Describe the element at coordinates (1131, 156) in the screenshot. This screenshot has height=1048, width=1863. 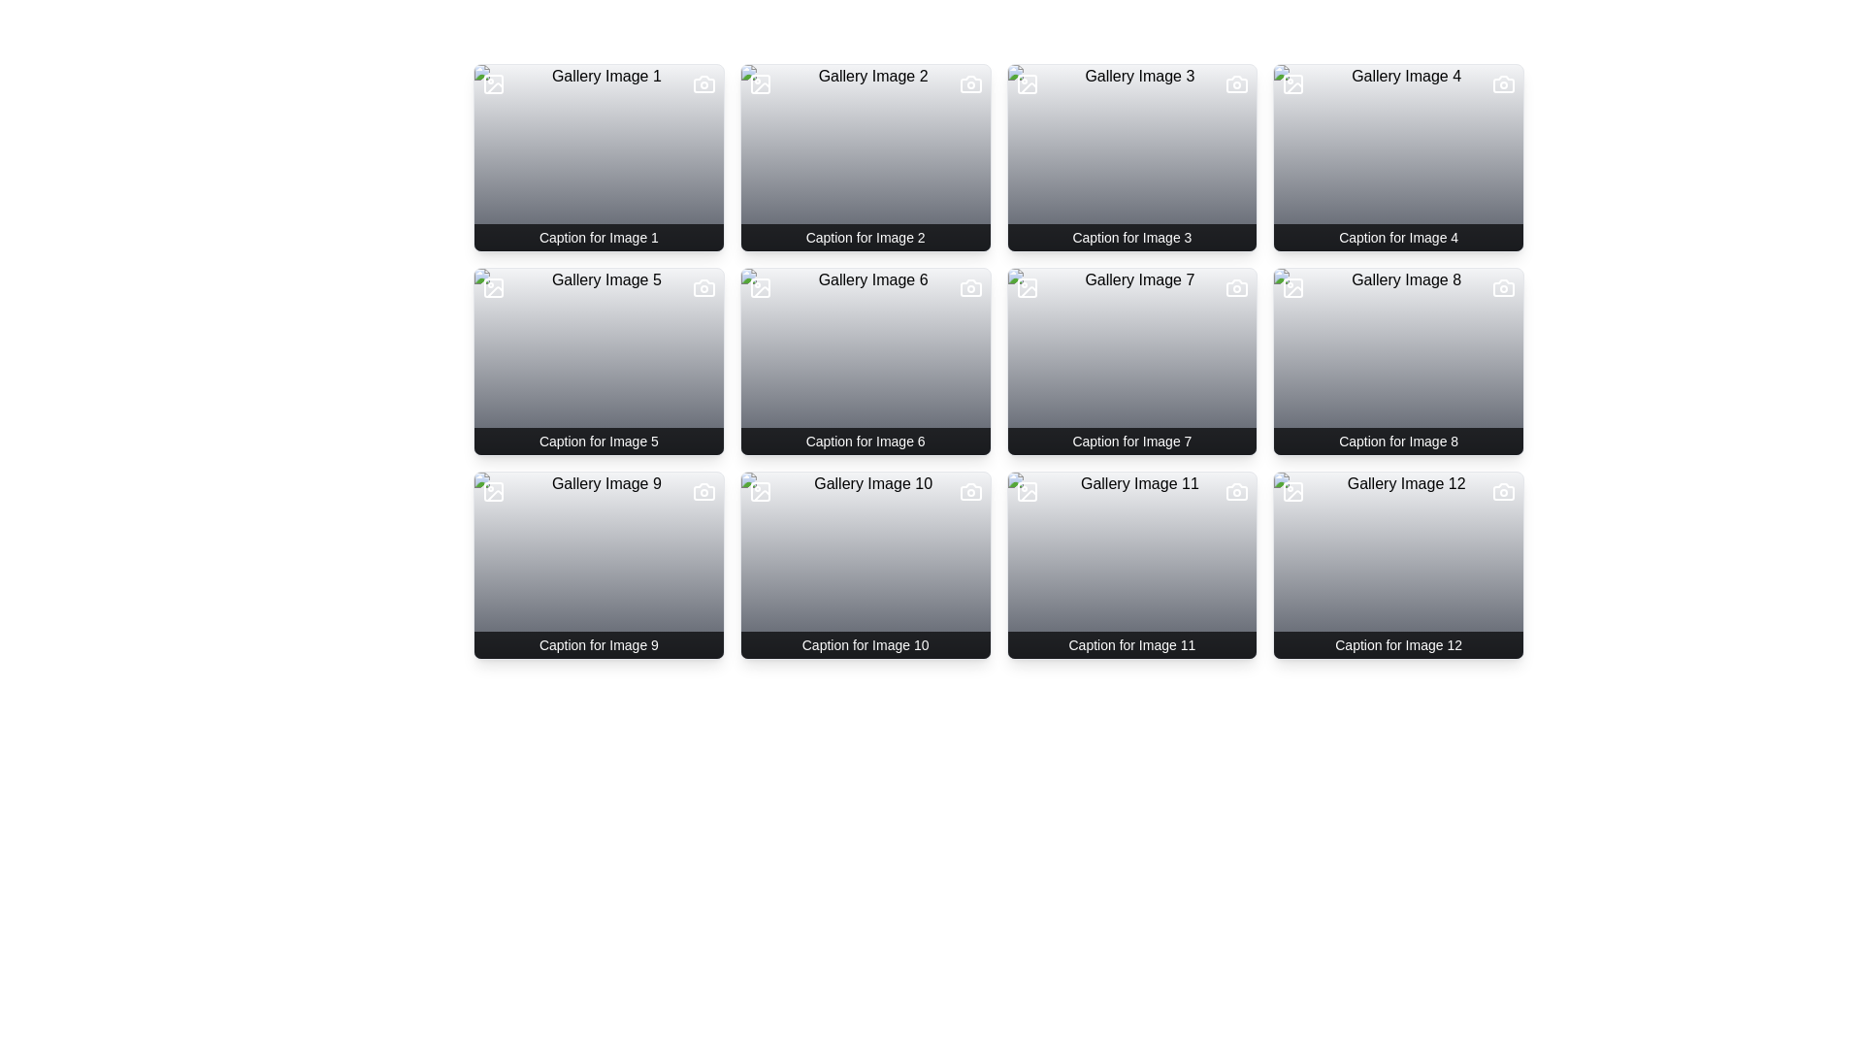
I see `the decorative background overlay located at the center of the 'Gallery Image 3' element in the first row and third column of the grid` at that location.